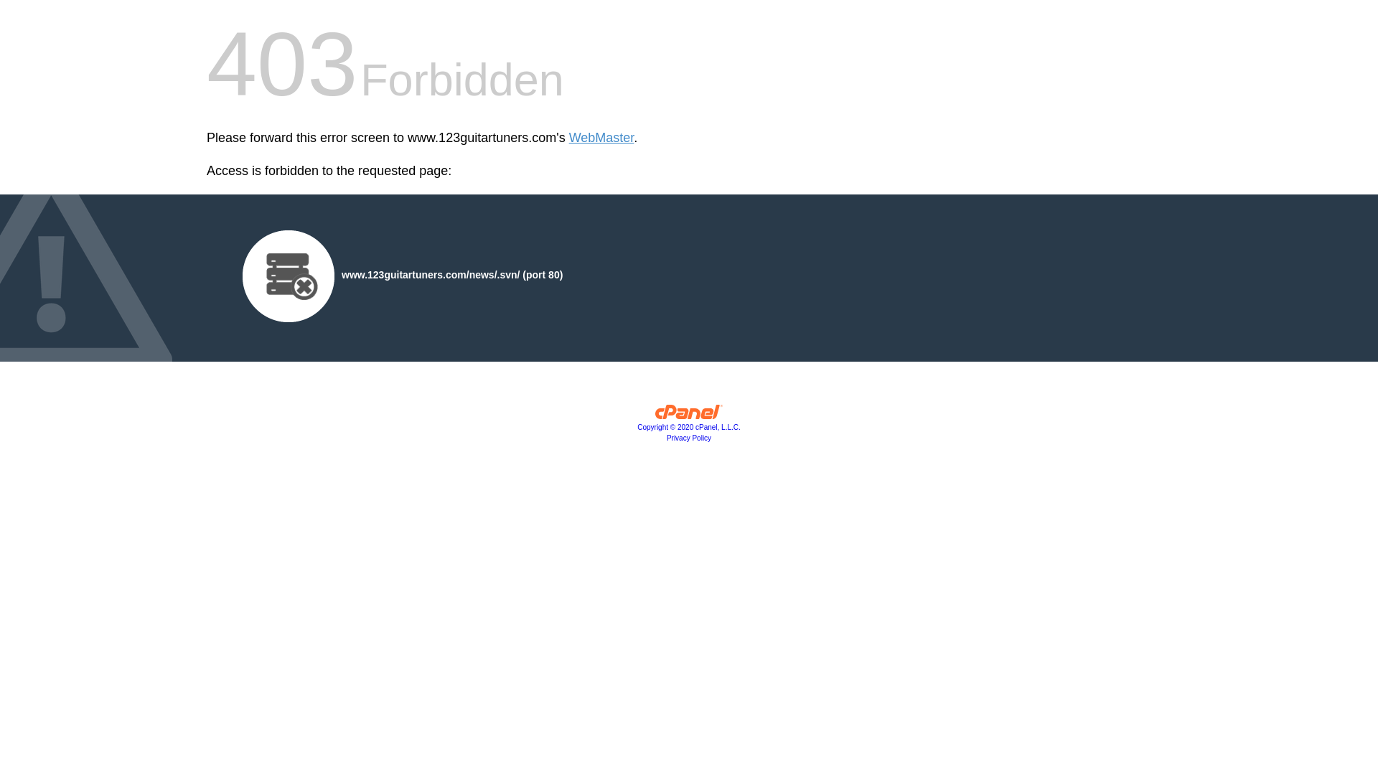 Image resolution: width=1378 pixels, height=775 pixels. What do you see at coordinates (689, 437) in the screenshot?
I see `'Privacy Policy'` at bounding box center [689, 437].